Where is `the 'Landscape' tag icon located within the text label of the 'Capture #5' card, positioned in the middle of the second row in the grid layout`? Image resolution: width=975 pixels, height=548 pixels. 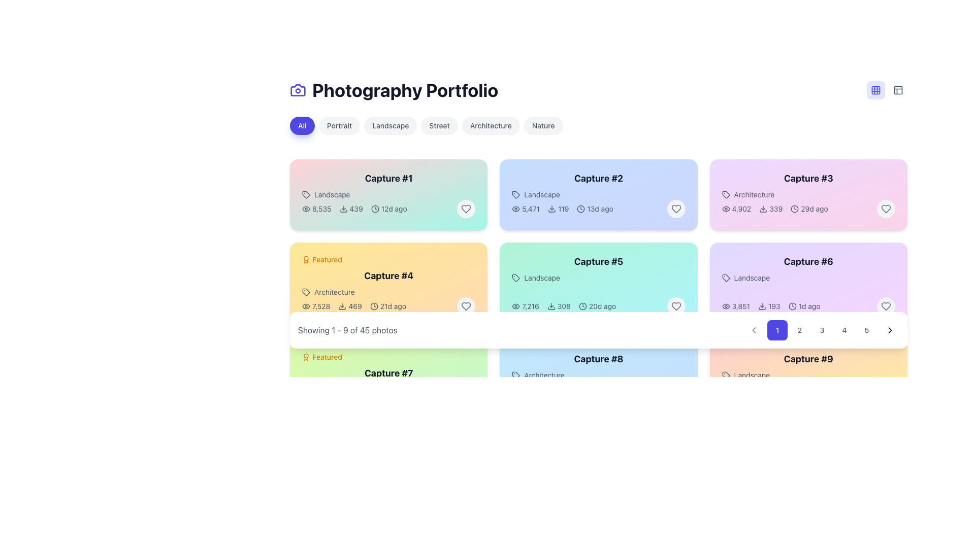 the 'Landscape' tag icon located within the text label of the 'Capture #5' card, positioned in the middle of the second row in the grid layout is located at coordinates (516, 278).